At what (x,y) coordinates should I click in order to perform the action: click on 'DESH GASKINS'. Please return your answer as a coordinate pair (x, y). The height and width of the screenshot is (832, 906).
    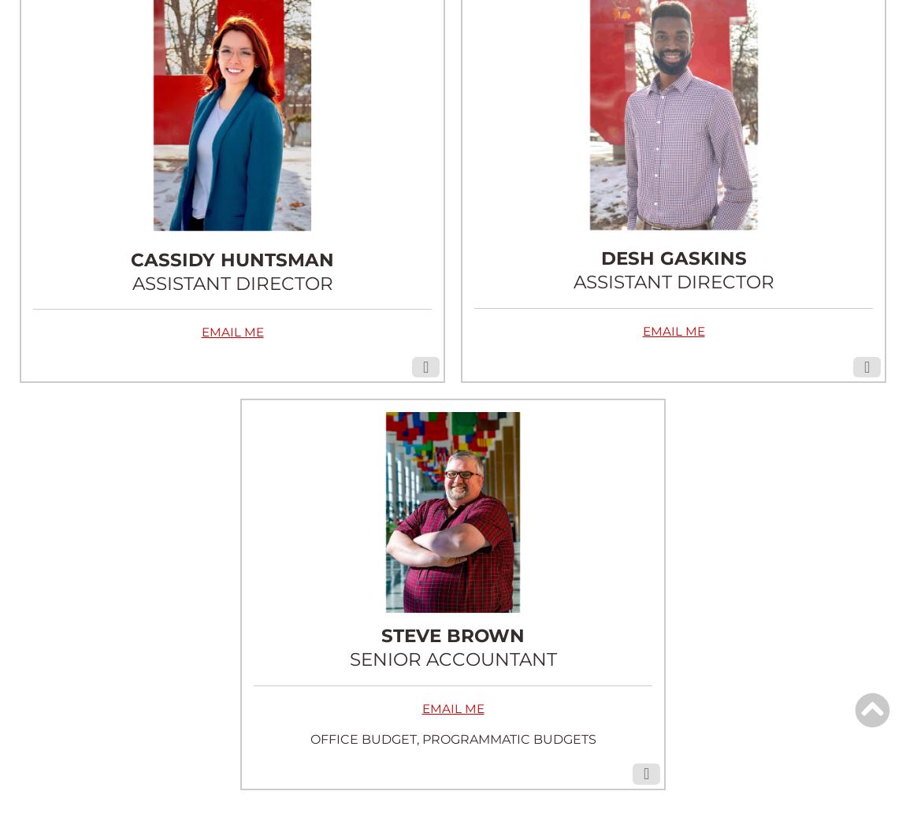
    Looking at the image, I should click on (672, 258).